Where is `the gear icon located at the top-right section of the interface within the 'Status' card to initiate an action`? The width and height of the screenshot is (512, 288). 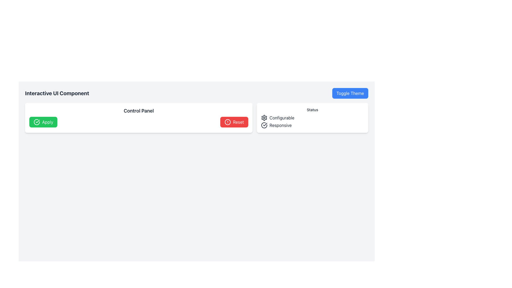 the gear icon located at the top-right section of the interface within the 'Status' card to initiate an action is located at coordinates (264, 118).